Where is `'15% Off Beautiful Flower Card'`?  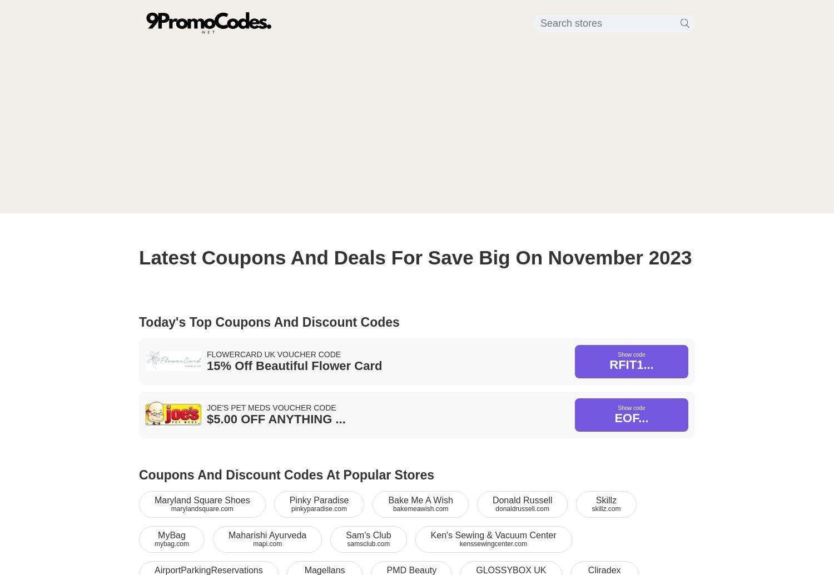 '15% Off Beautiful Flower Card' is located at coordinates (294, 365).